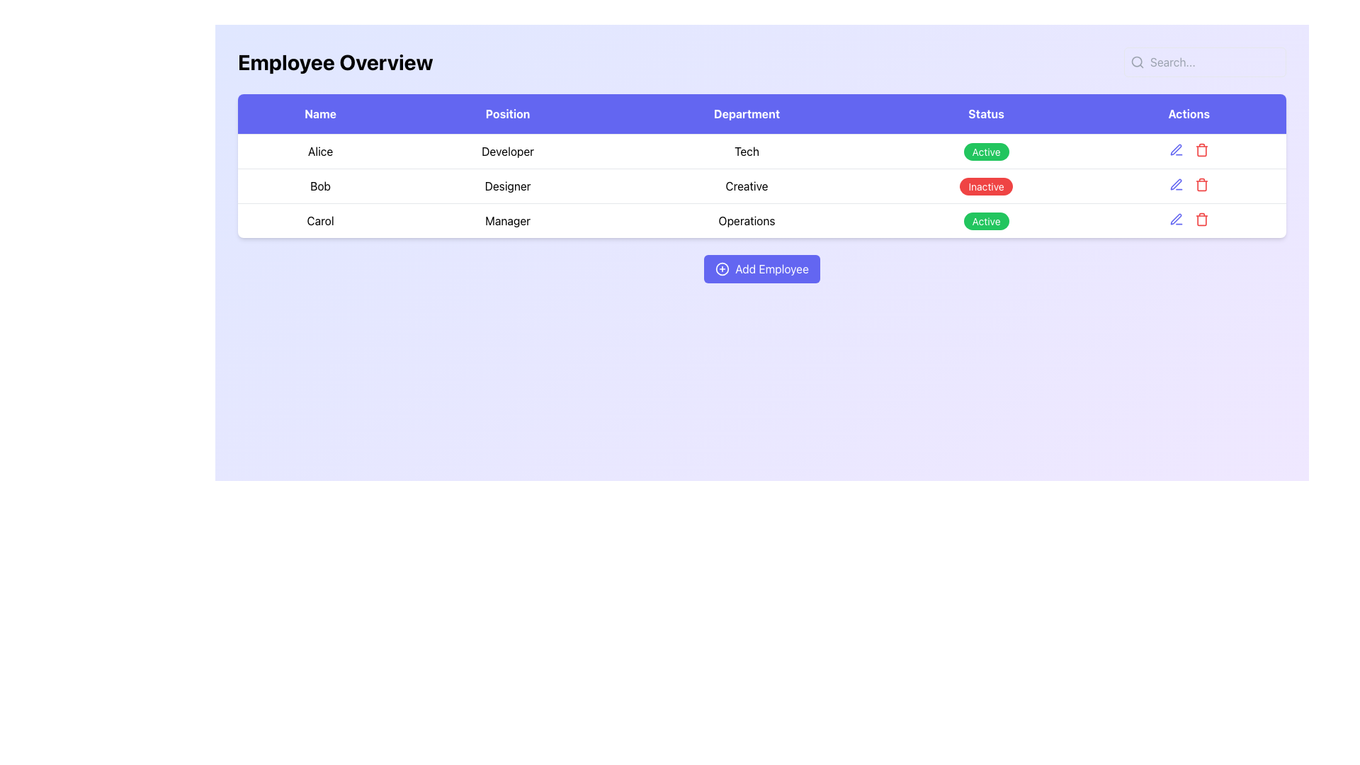 The height and width of the screenshot is (765, 1360). I want to click on the red 'Inactive' badge button located in the 'Status' column of the table row corresponding to 'Bob', so click(985, 186).